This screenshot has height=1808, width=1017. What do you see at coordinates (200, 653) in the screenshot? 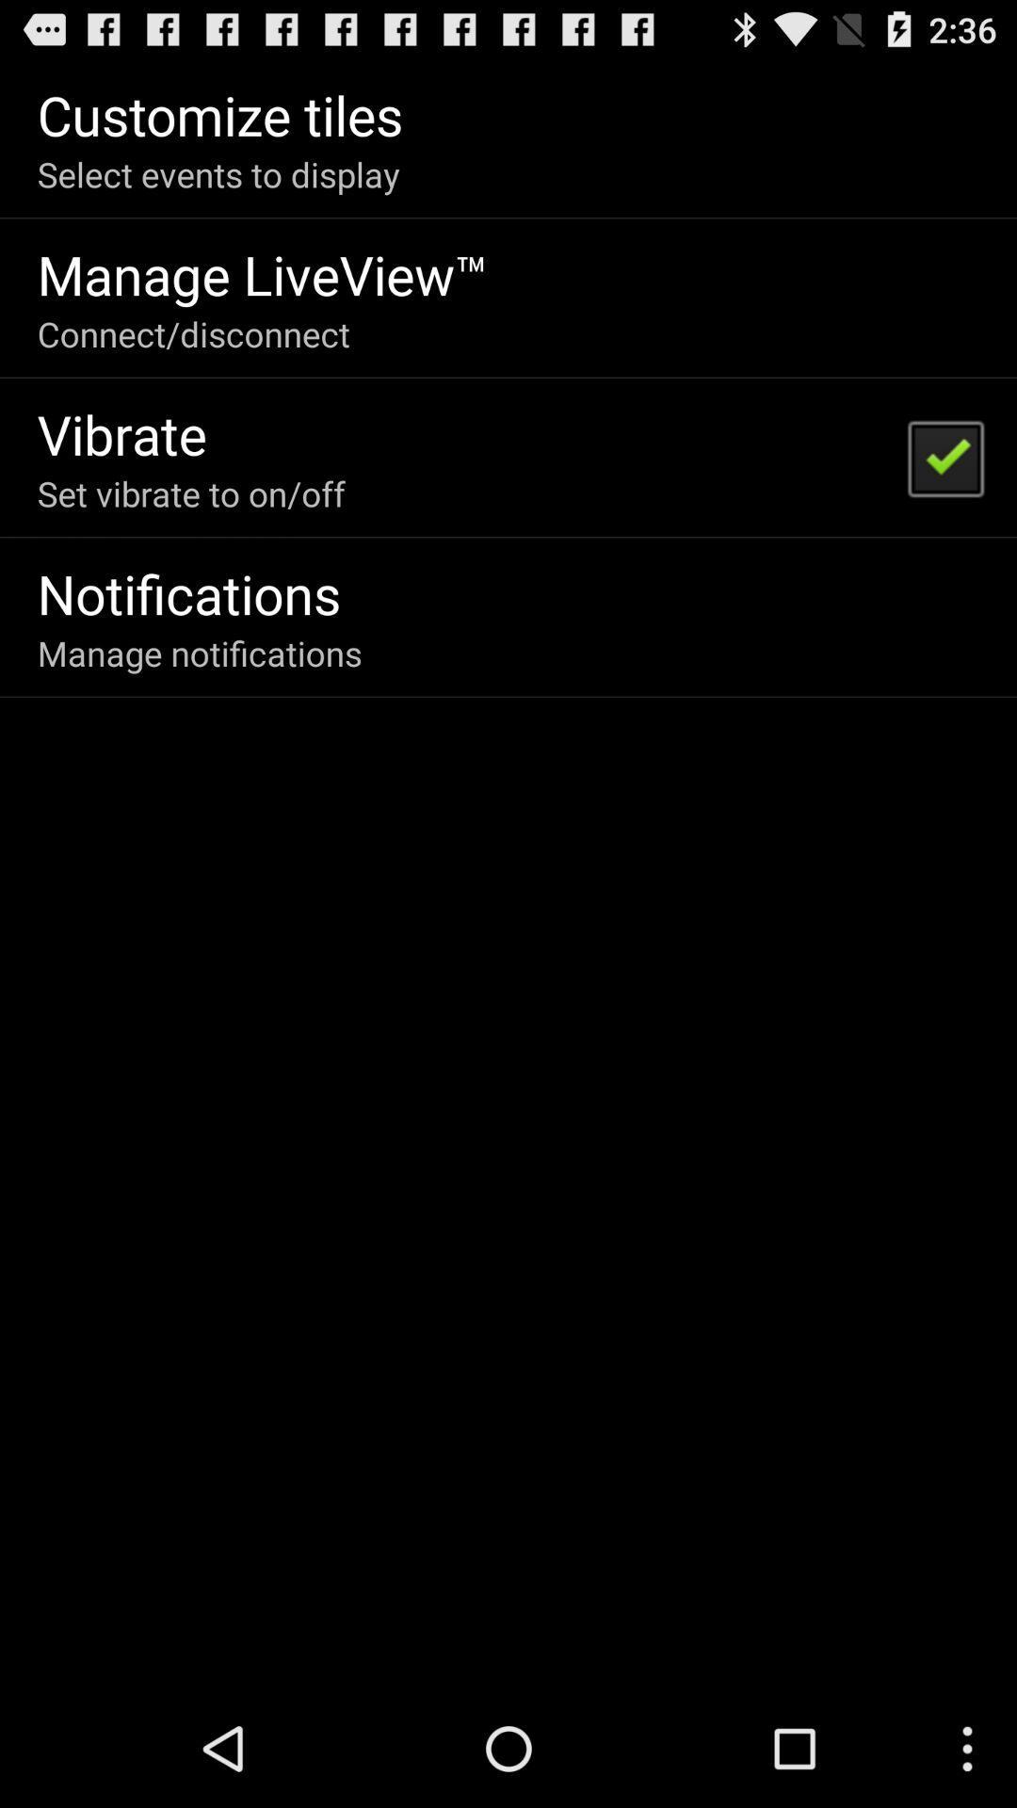
I see `the icon below the notifications app` at bounding box center [200, 653].